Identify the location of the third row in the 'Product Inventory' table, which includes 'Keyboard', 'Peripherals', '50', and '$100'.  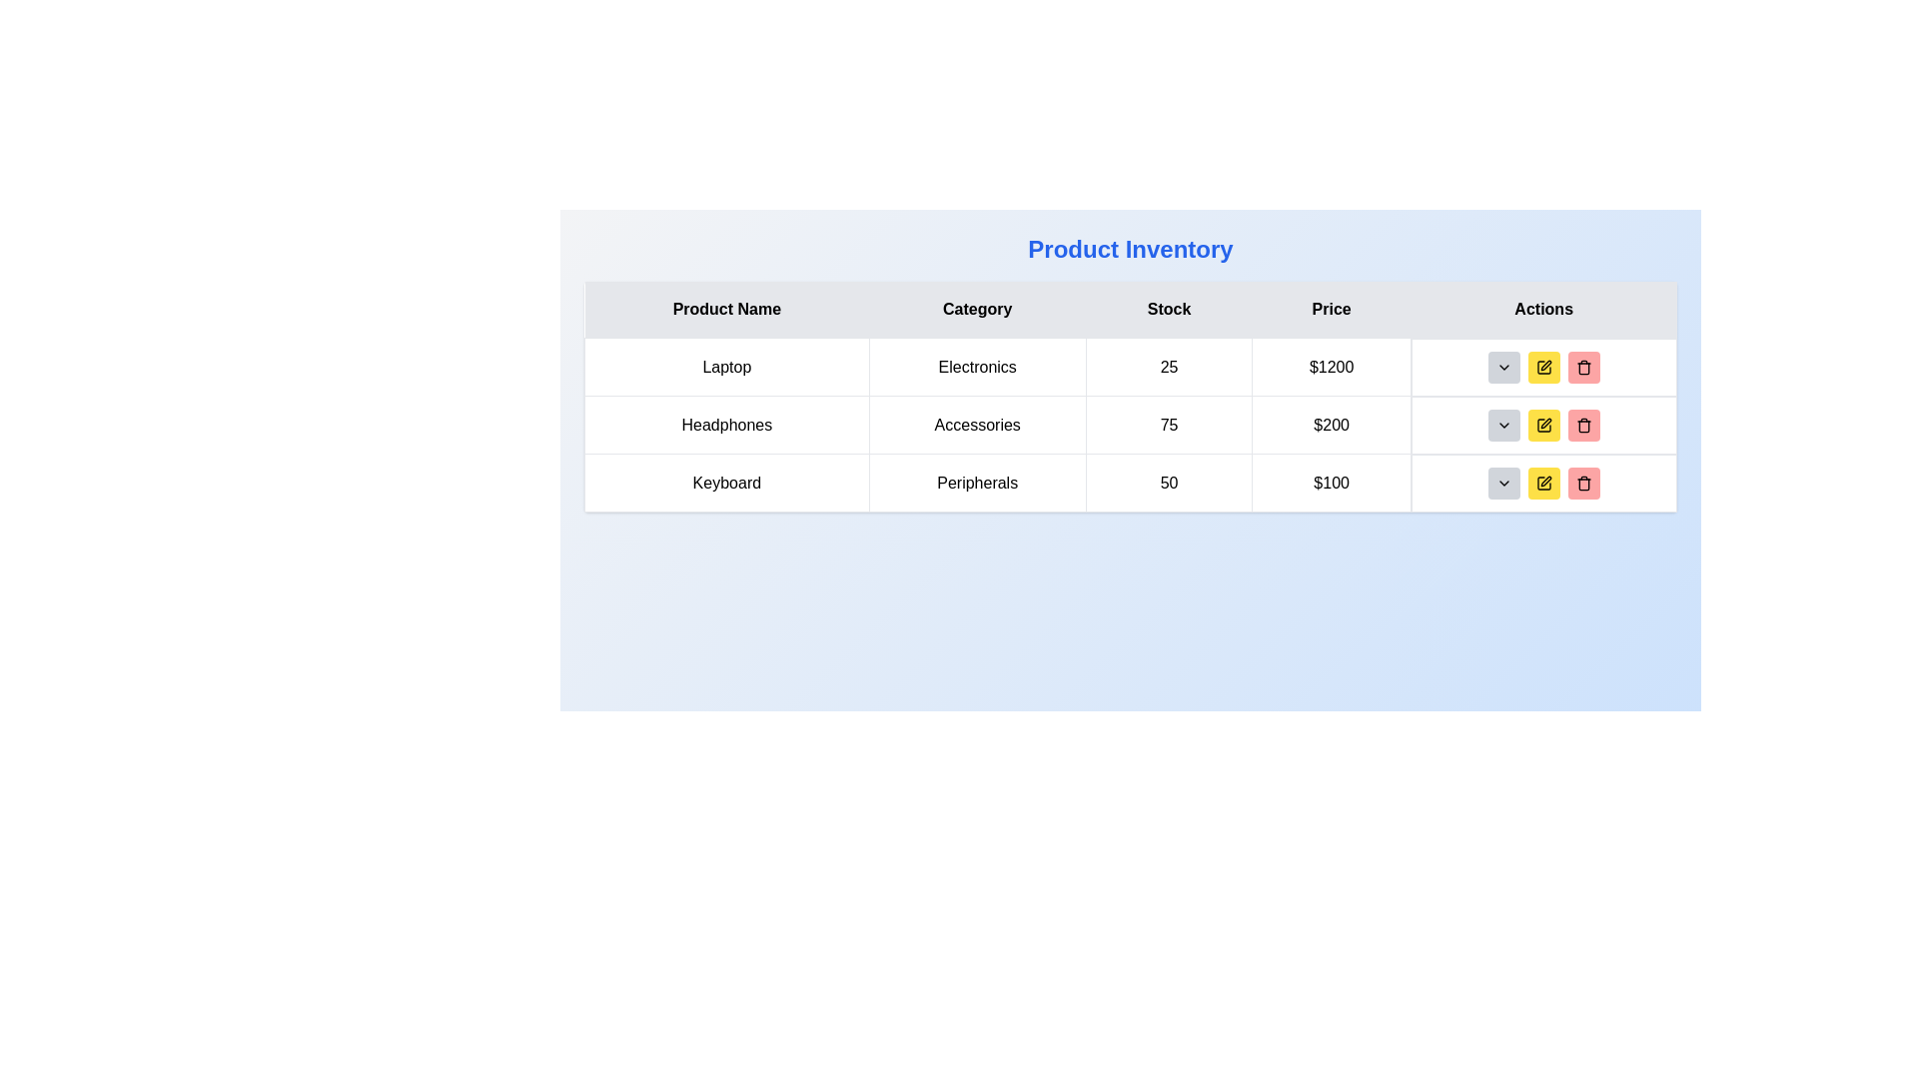
(1131, 483).